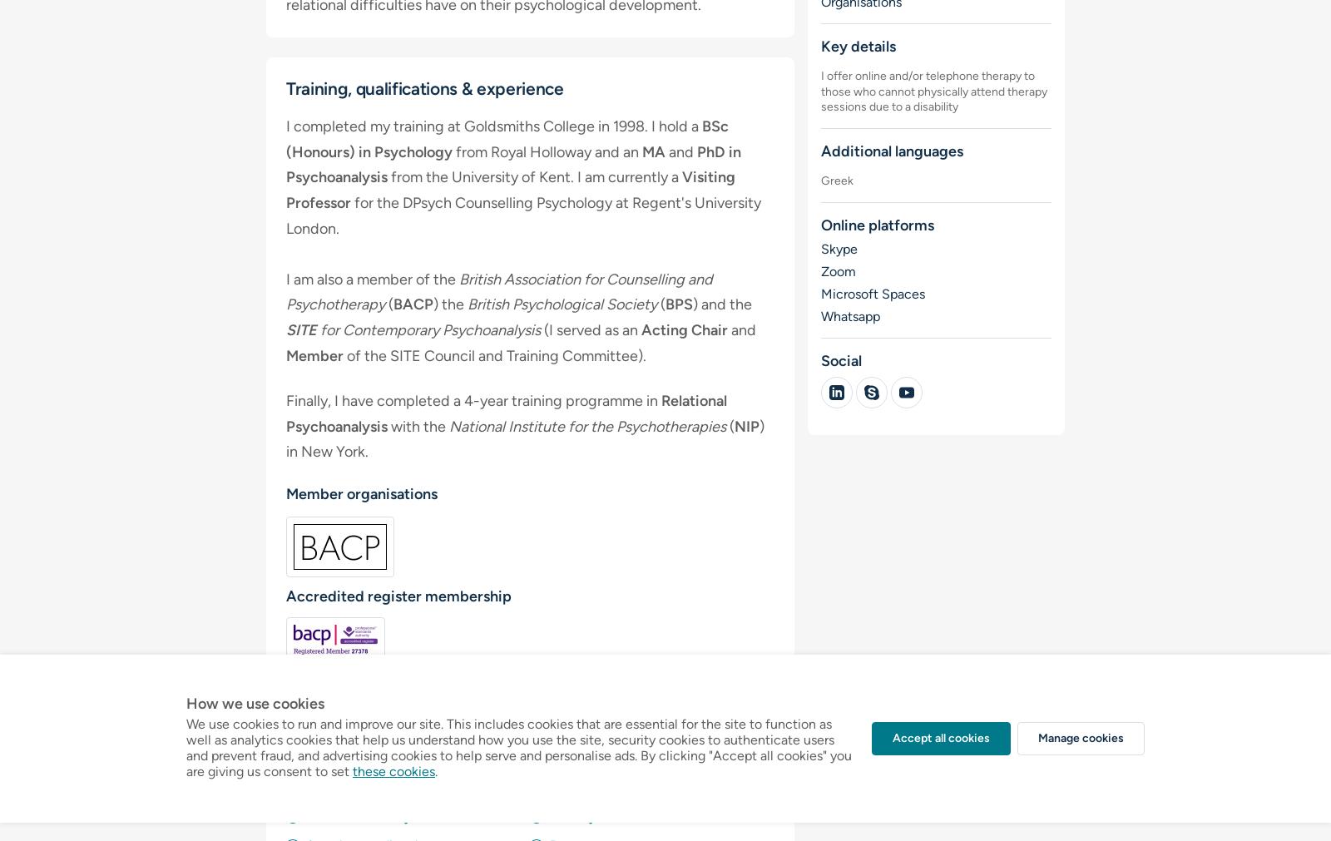 The height and width of the screenshot is (841, 1331). I want to click on 'NIP', so click(746, 425).